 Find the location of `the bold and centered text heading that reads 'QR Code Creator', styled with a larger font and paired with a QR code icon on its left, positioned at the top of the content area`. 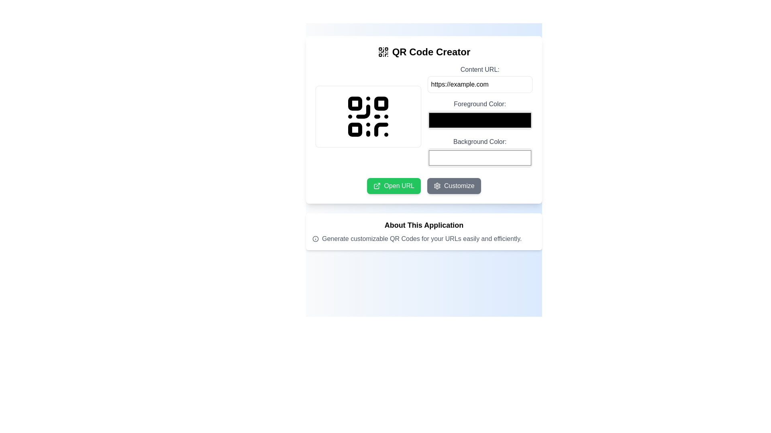

the bold and centered text heading that reads 'QR Code Creator', styled with a larger font and paired with a QR code icon on its left, positioned at the top of the content area is located at coordinates (424, 52).